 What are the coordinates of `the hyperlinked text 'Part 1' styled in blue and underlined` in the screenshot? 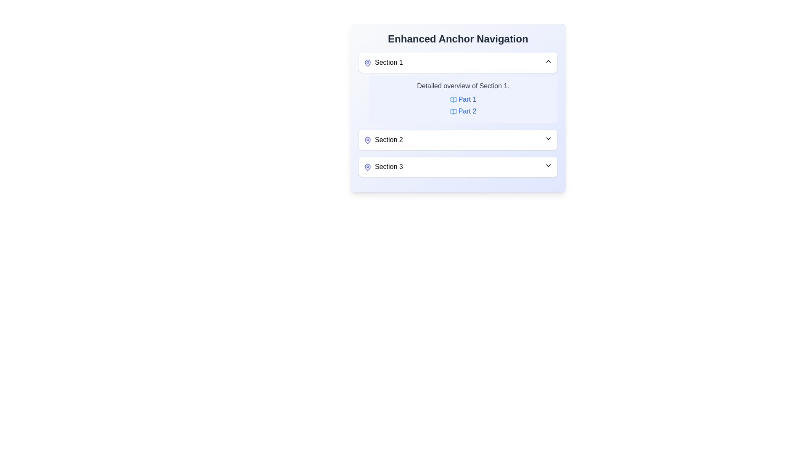 It's located at (463, 99).